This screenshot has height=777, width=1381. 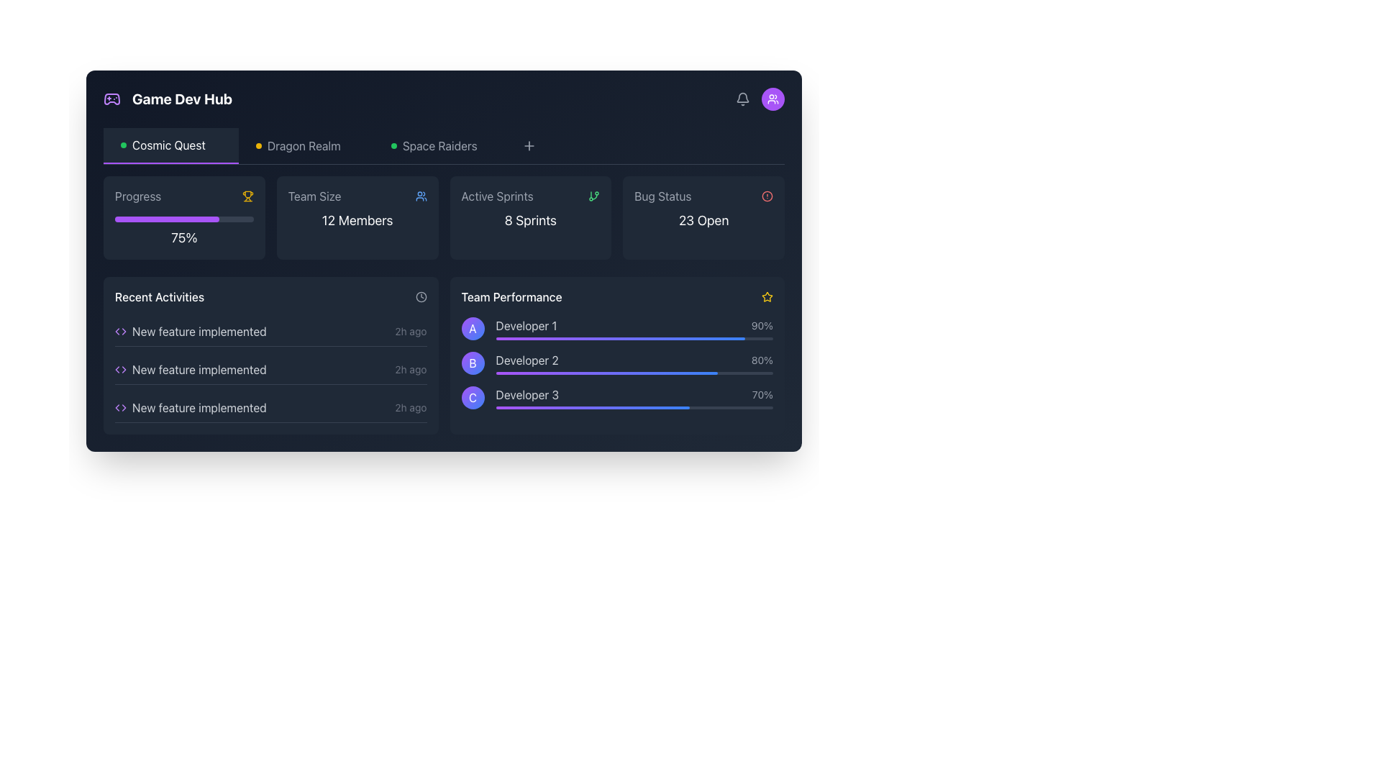 What do you see at coordinates (199, 408) in the screenshot?
I see `the text label 'New feature implemented' located in the 'Recent Activities' section` at bounding box center [199, 408].